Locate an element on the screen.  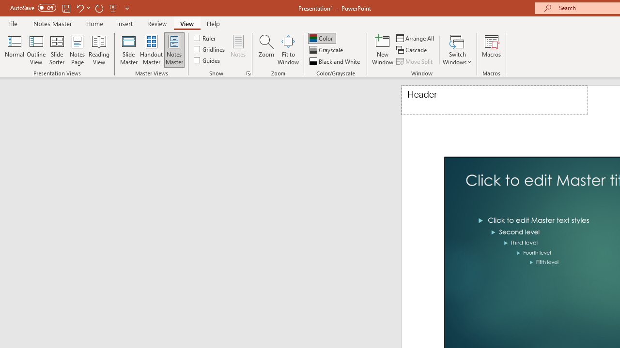
'Guides' is located at coordinates (207, 60).